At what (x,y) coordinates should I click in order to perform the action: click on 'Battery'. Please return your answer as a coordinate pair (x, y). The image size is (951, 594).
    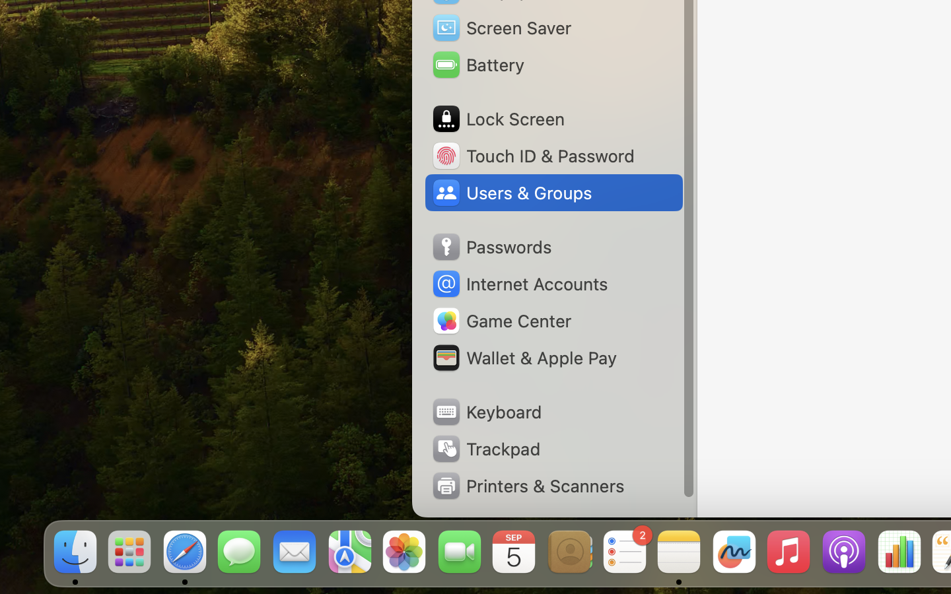
    Looking at the image, I should click on (477, 64).